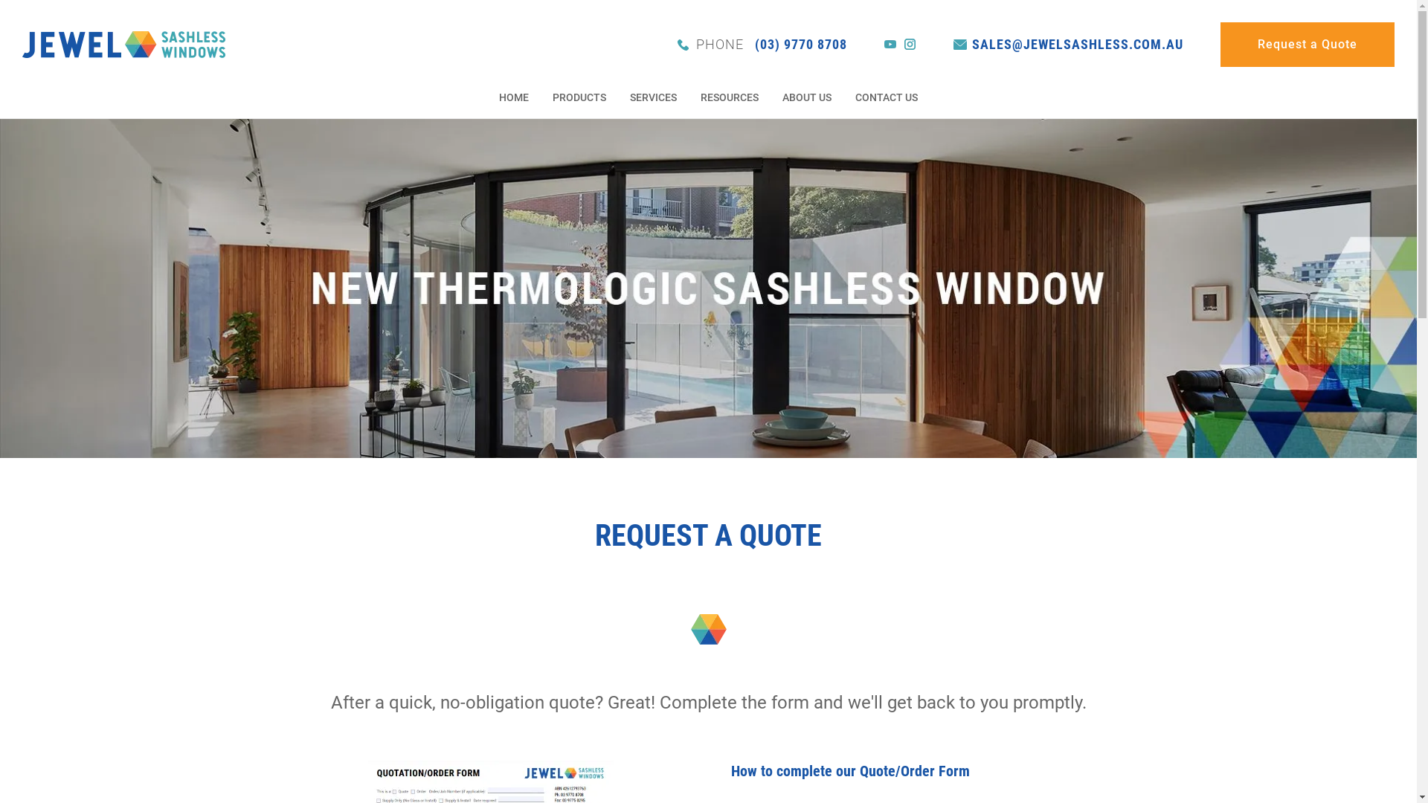 This screenshot has width=1428, height=803. I want to click on 'youtube', so click(884, 44).